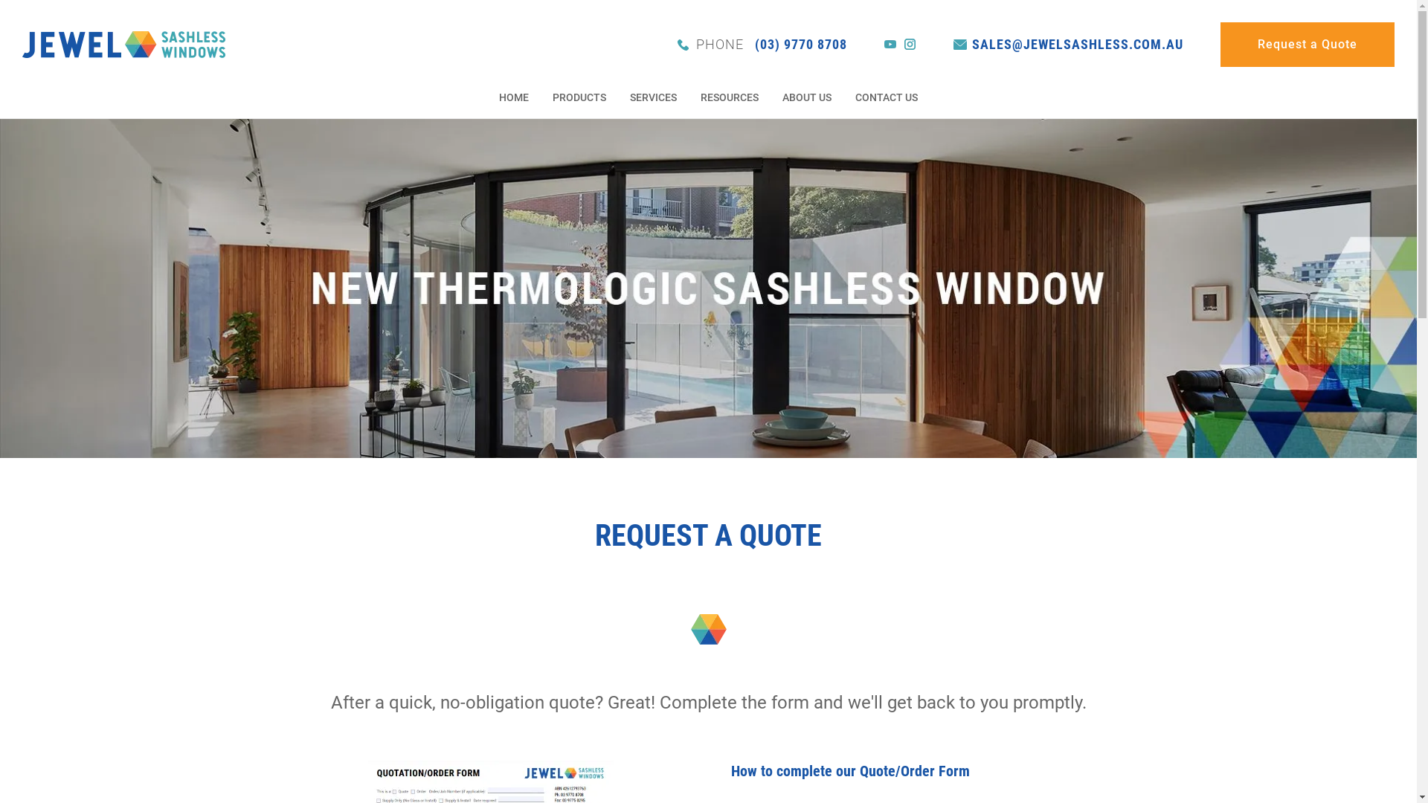 This screenshot has width=1428, height=803. I want to click on 'youtube', so click(884, 44).